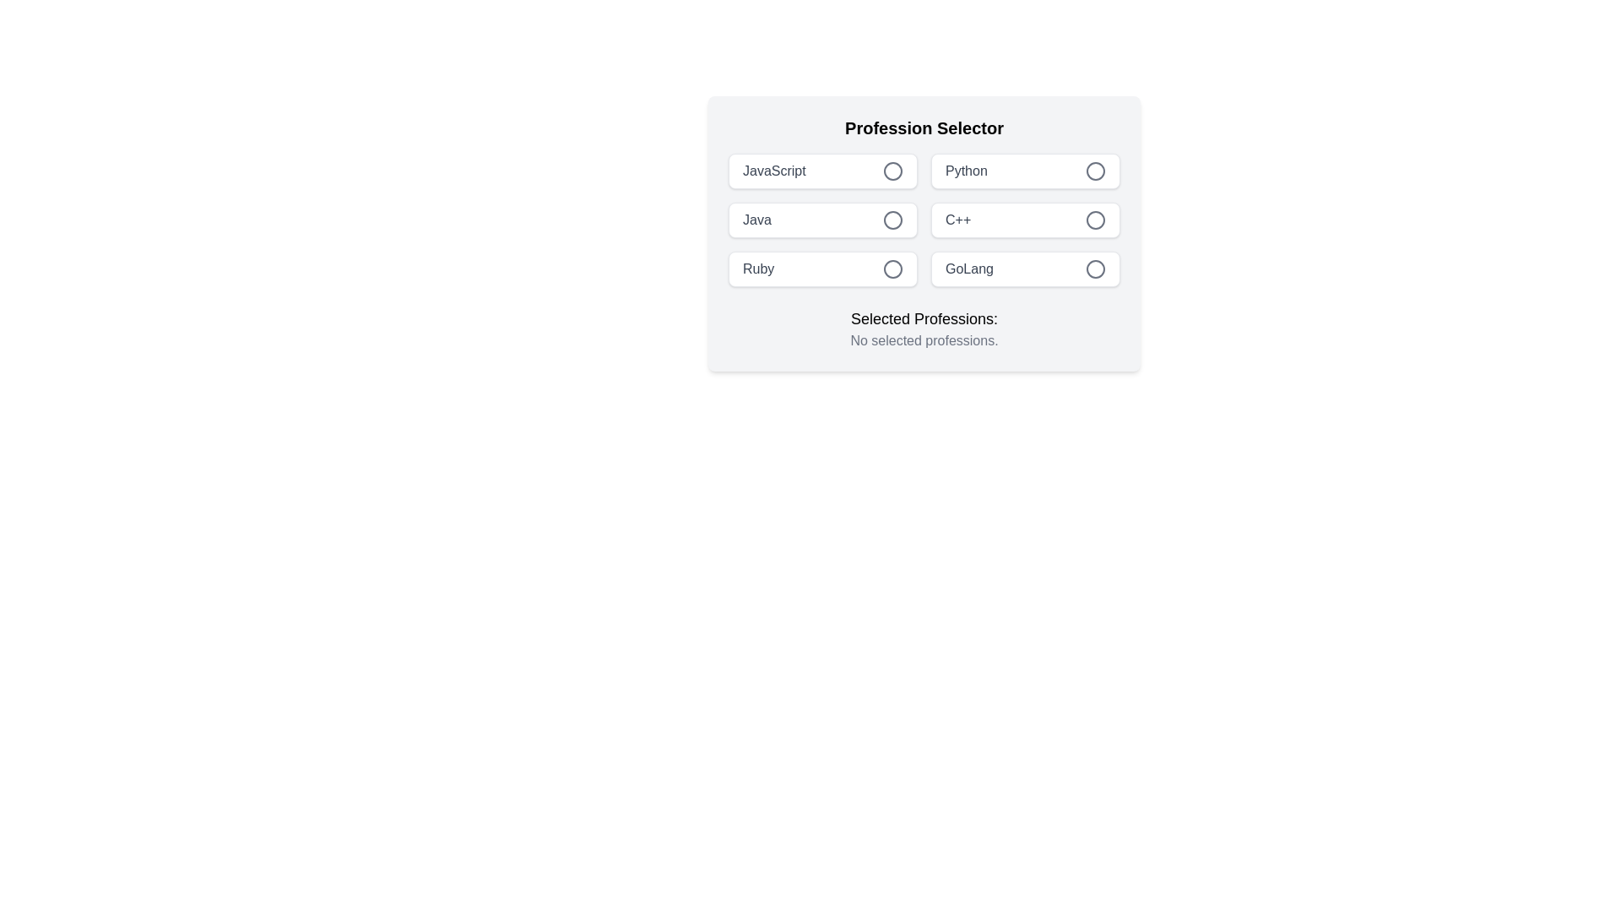 Image resolution: width=1621 pixels, height=912 pixels. What do you see at coordinates (822, 220) in the screenshot?
I see `the 'Java' selectable list item with a radio button` at bounding box center [822, 220].